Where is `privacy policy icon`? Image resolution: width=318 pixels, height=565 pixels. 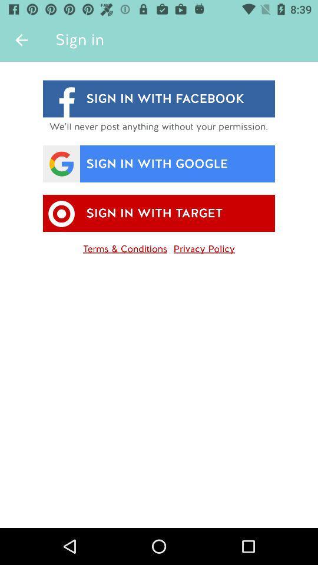 privacy policy icon is located at coordinates (203, 246).